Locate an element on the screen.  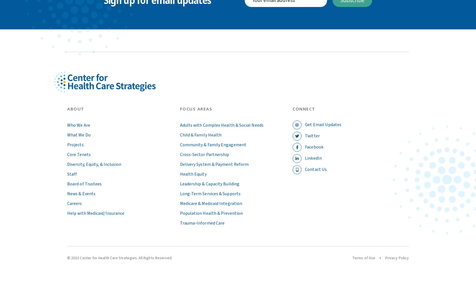
'Delivery System & Payment Reform' is located at coordinates (179, 164).